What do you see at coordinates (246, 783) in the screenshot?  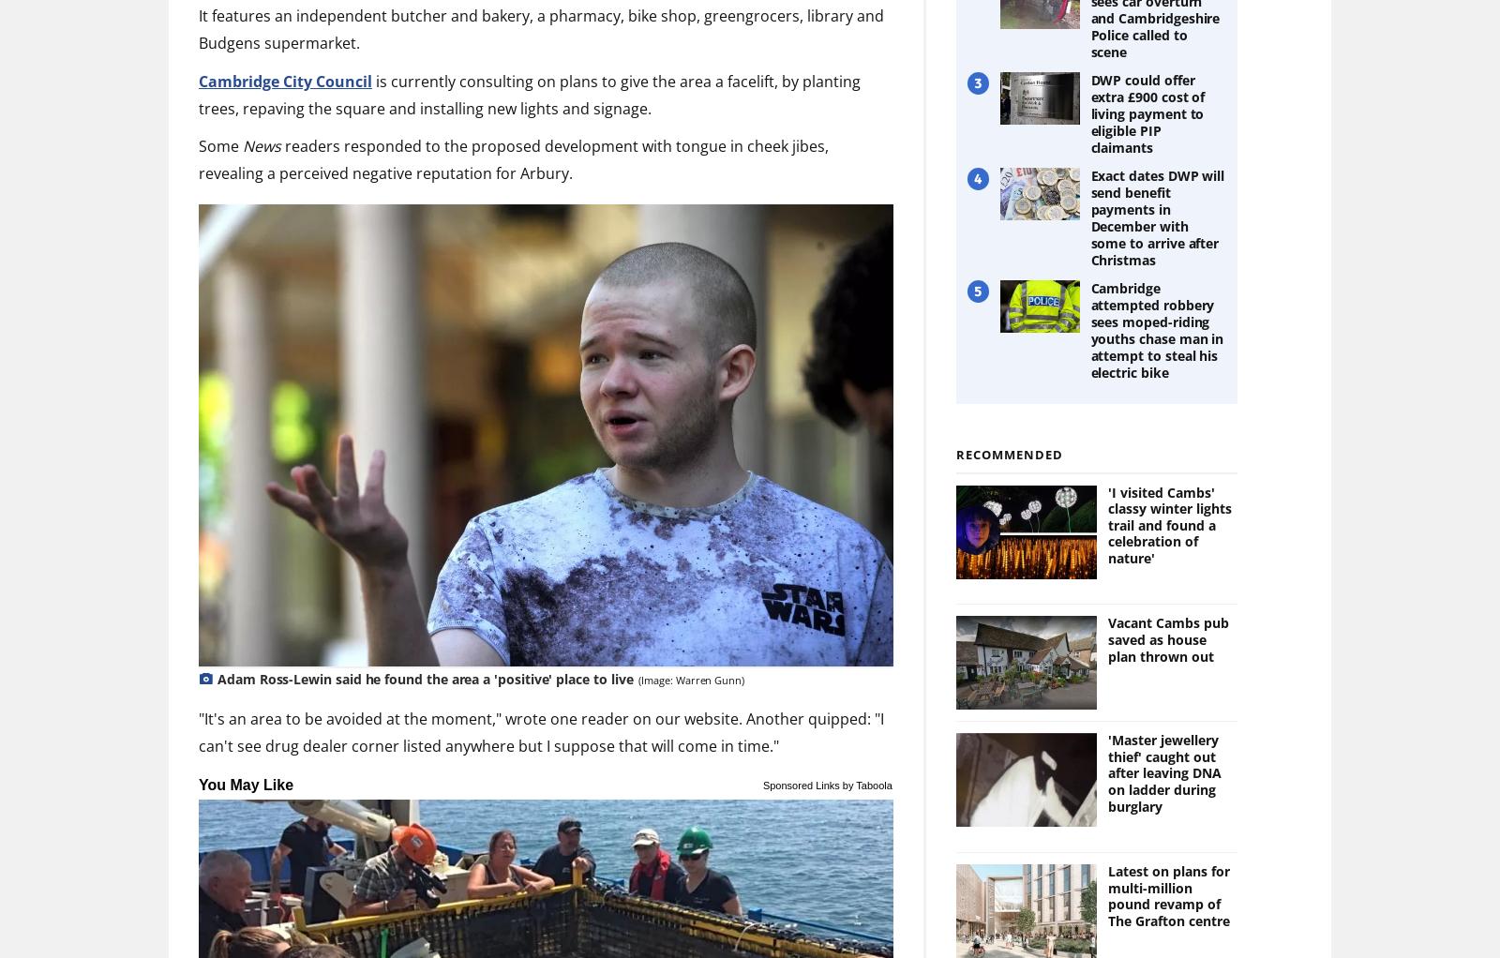 I see `'You May Like'` at bounding box center [246, 783].